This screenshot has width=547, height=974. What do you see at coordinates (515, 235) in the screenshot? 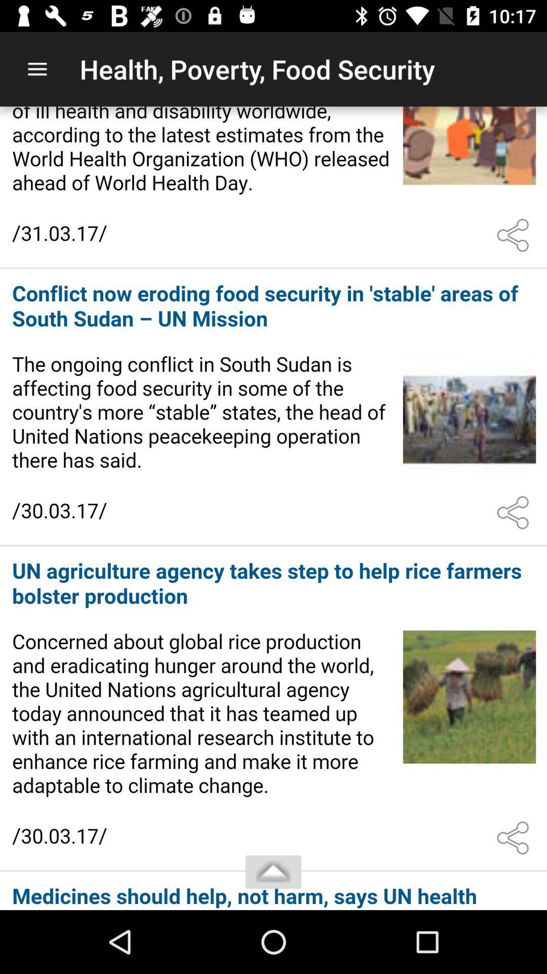
I see `the share icon` at bounding box center [515, 235].